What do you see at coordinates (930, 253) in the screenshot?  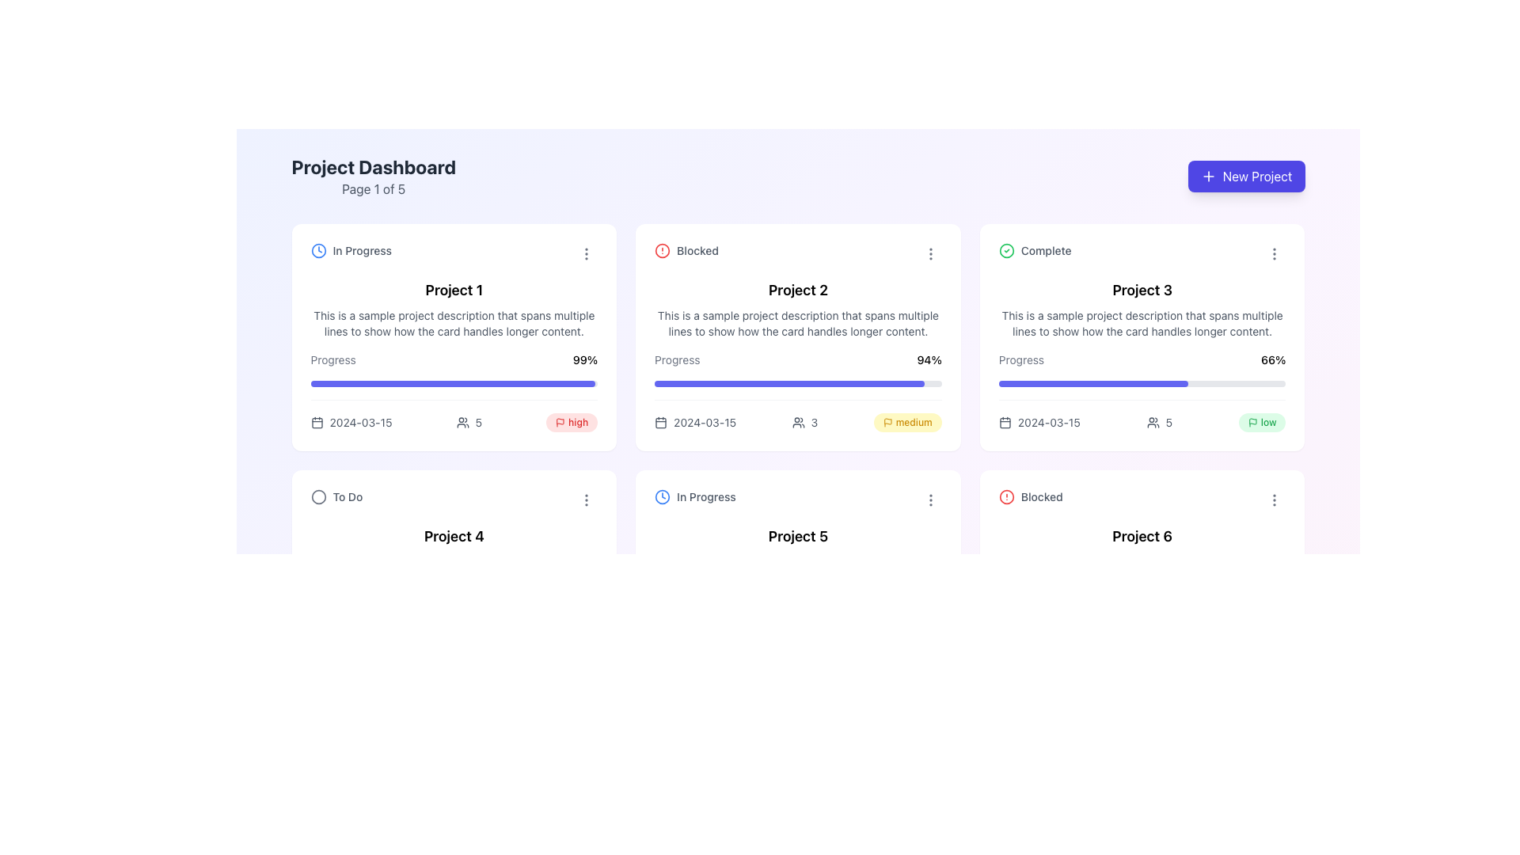 I see `the button located at the top-right corner of the 'Project 2' card` at bounding box center [930, 253].